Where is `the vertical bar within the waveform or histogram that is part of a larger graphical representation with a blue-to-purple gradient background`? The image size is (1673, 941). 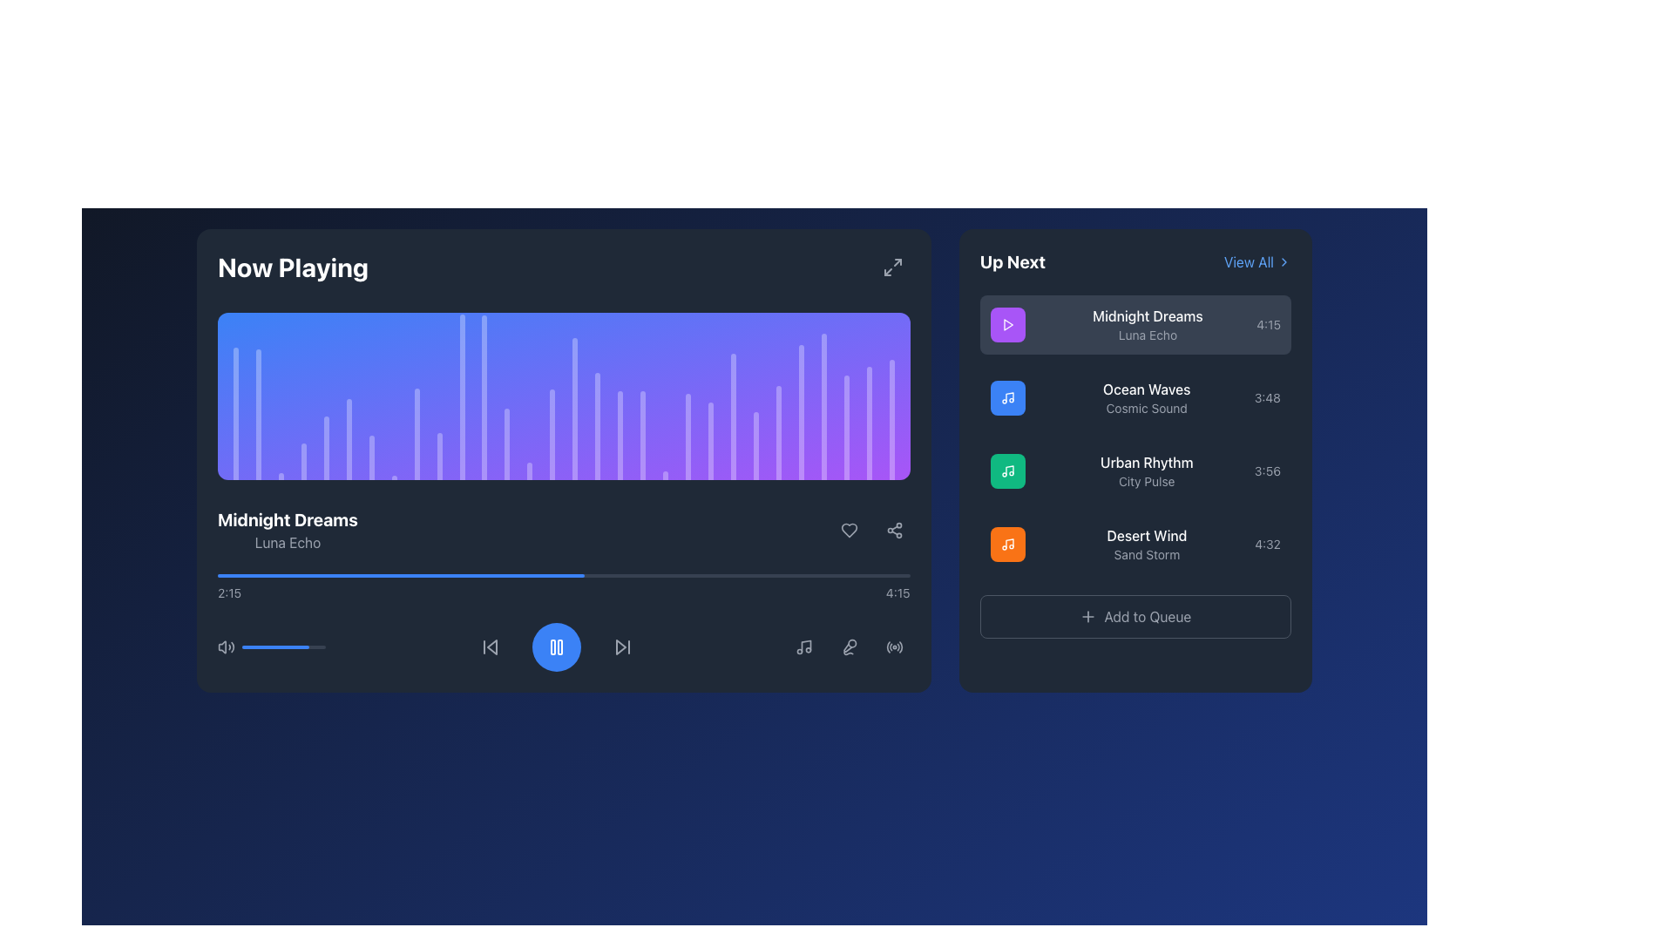 the vertical bar within the waveform or histogram that is part of a larger graphical representation with a blue-to-purple gradient background is located at coordinates (506, 443).